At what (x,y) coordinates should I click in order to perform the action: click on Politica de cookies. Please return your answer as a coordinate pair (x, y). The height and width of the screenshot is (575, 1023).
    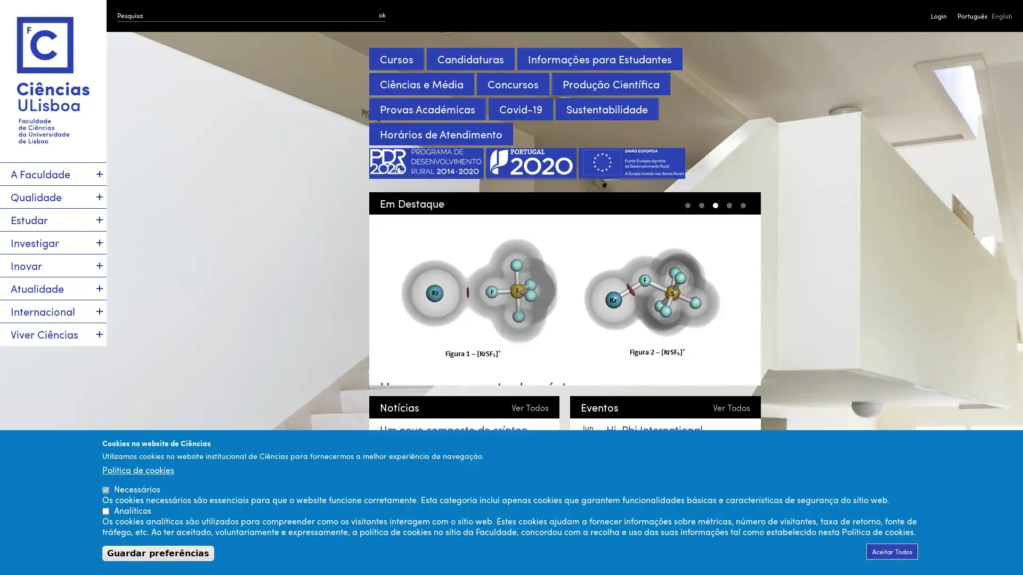
    Looking at the image, I should click on (137, 469).